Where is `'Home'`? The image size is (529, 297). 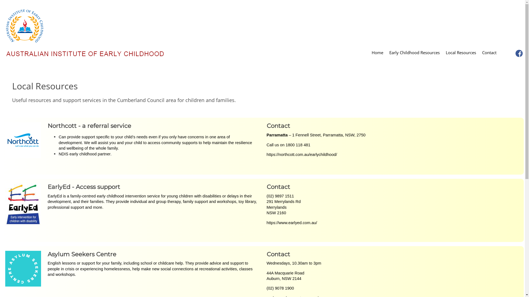
'Home' is located at coordinates (369, 53).